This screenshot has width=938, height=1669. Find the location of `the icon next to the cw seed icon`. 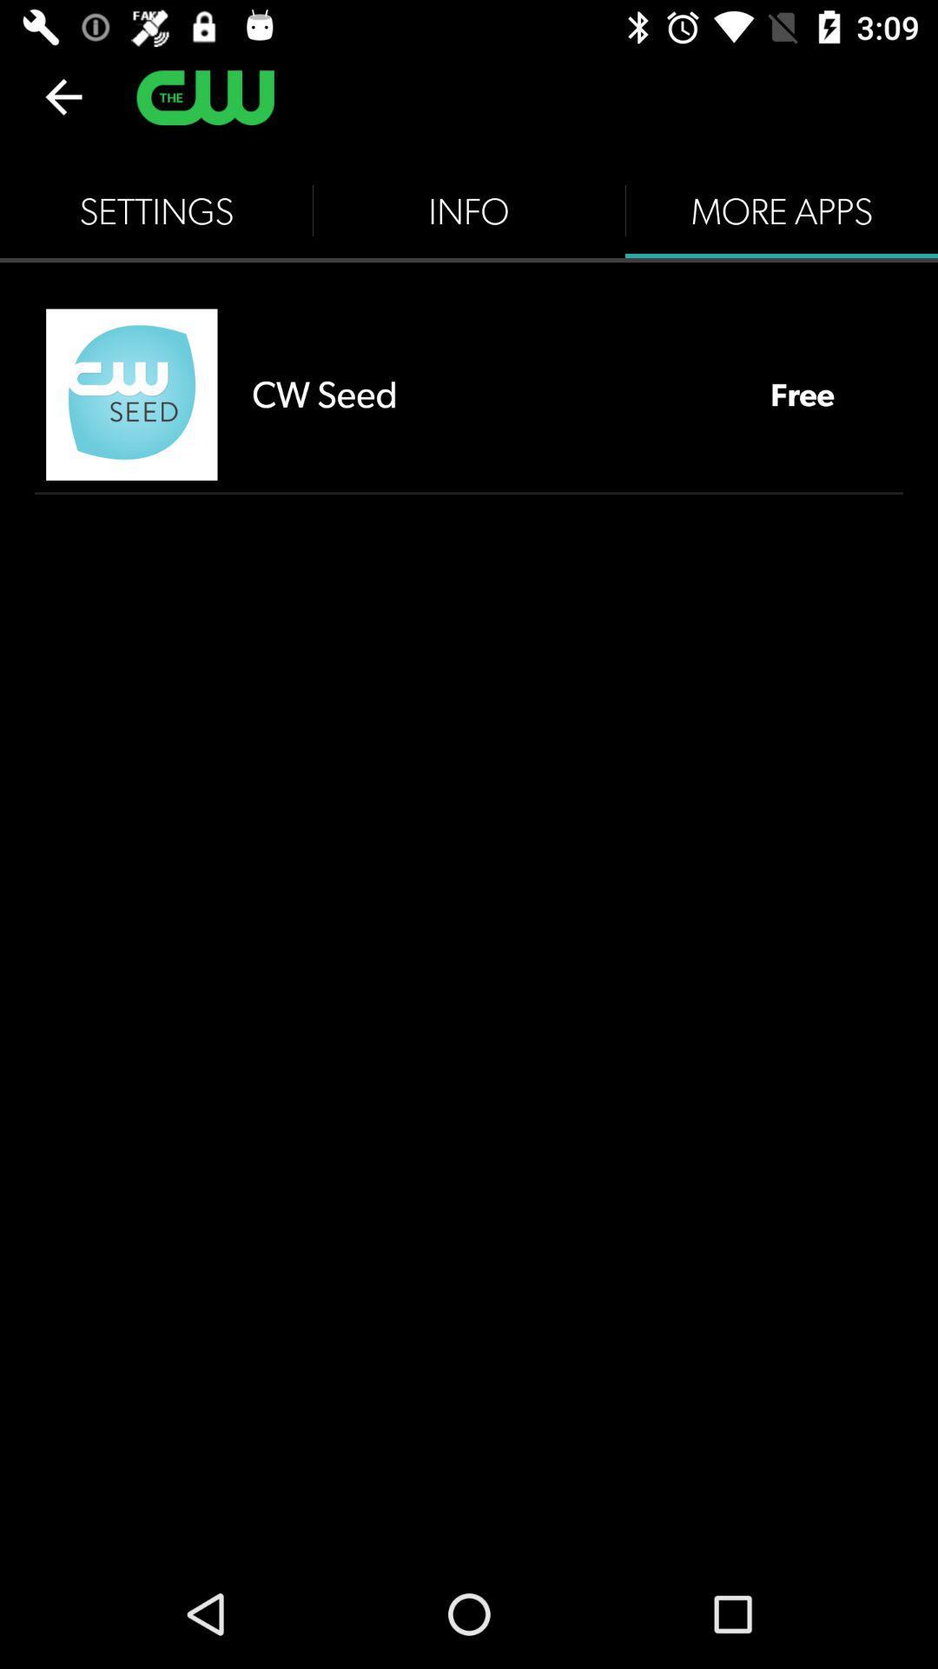

the icon next to the cw seed icon is located at coordinates (803, 393).